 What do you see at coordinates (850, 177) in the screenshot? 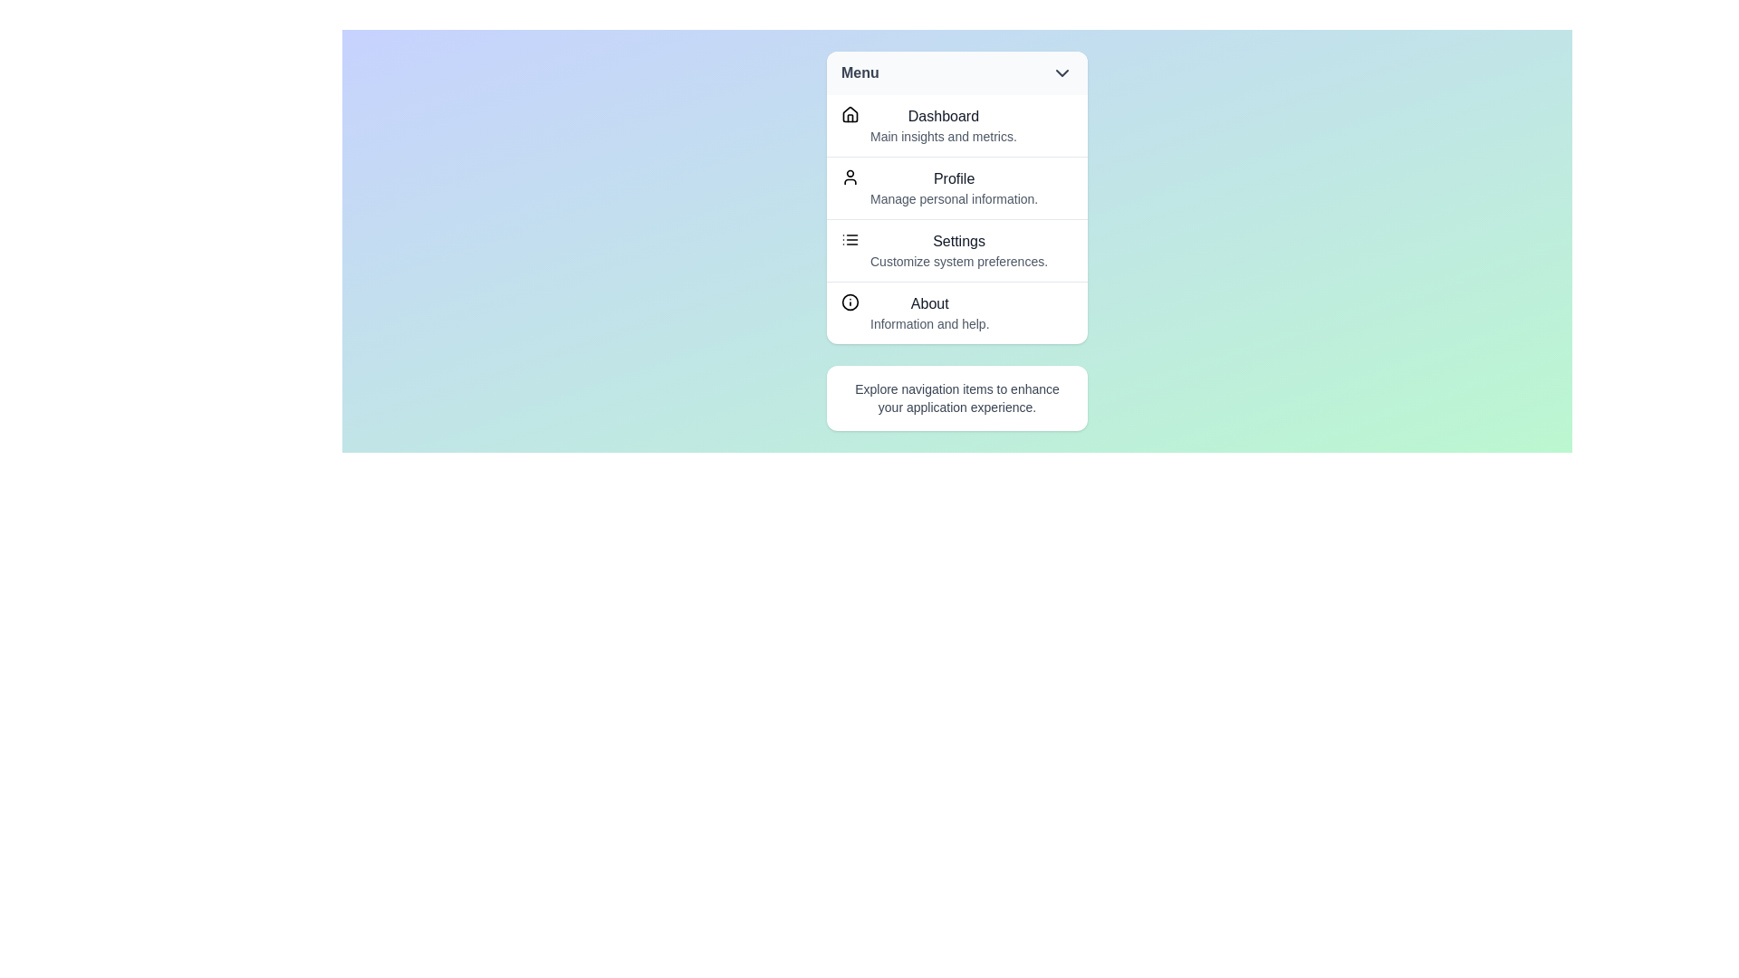
I see `the icon next to the menu item labeled Profile` at bounding box center [850, 177].